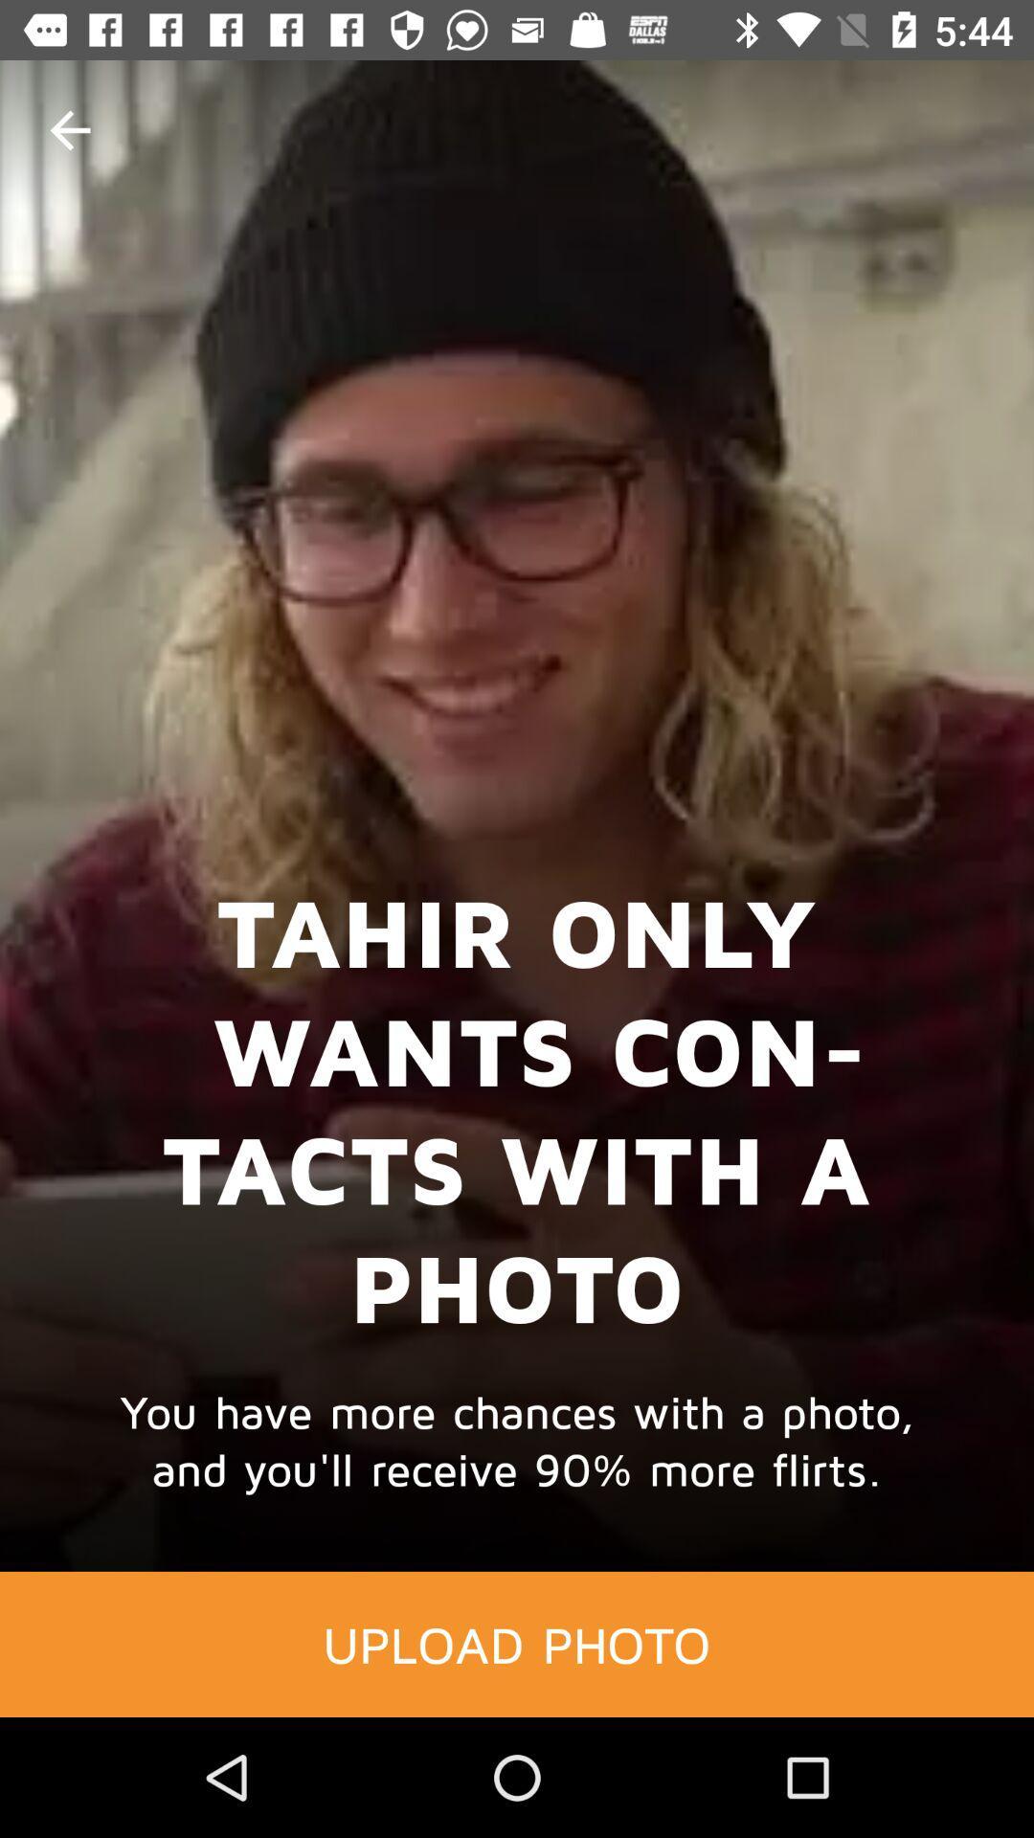 The height and width of the screenshot is (1838, 1034). I want to click on upload photo, so click(517, 1643).